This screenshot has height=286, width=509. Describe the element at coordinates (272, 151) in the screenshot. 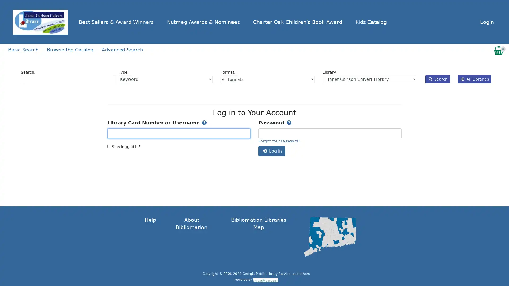

I see `Log in` at that location.